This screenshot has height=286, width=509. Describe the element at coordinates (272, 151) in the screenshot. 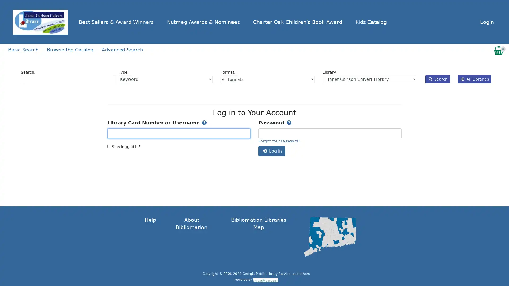

I see `Log in` at that location.